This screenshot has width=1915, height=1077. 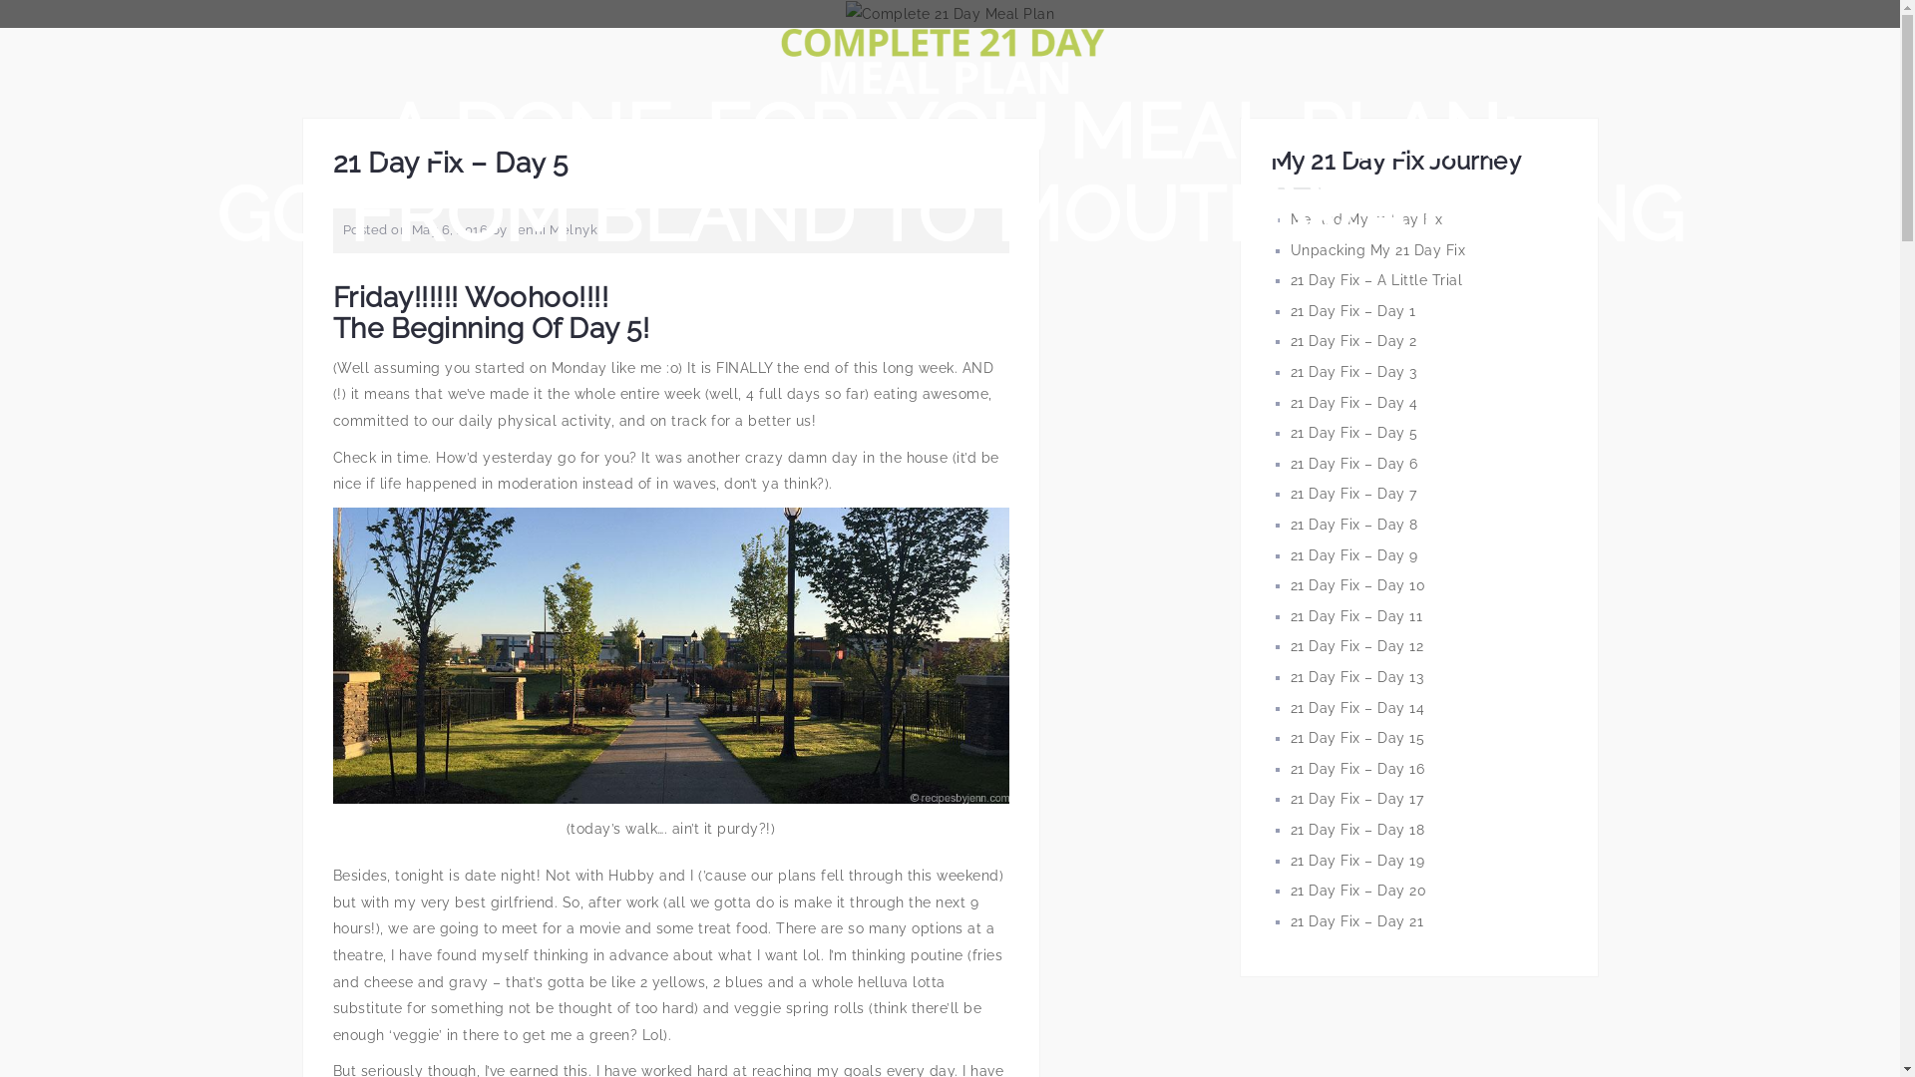 I want to click on 'Me And My 21 Day Fix', so click(x=1365, y=218).